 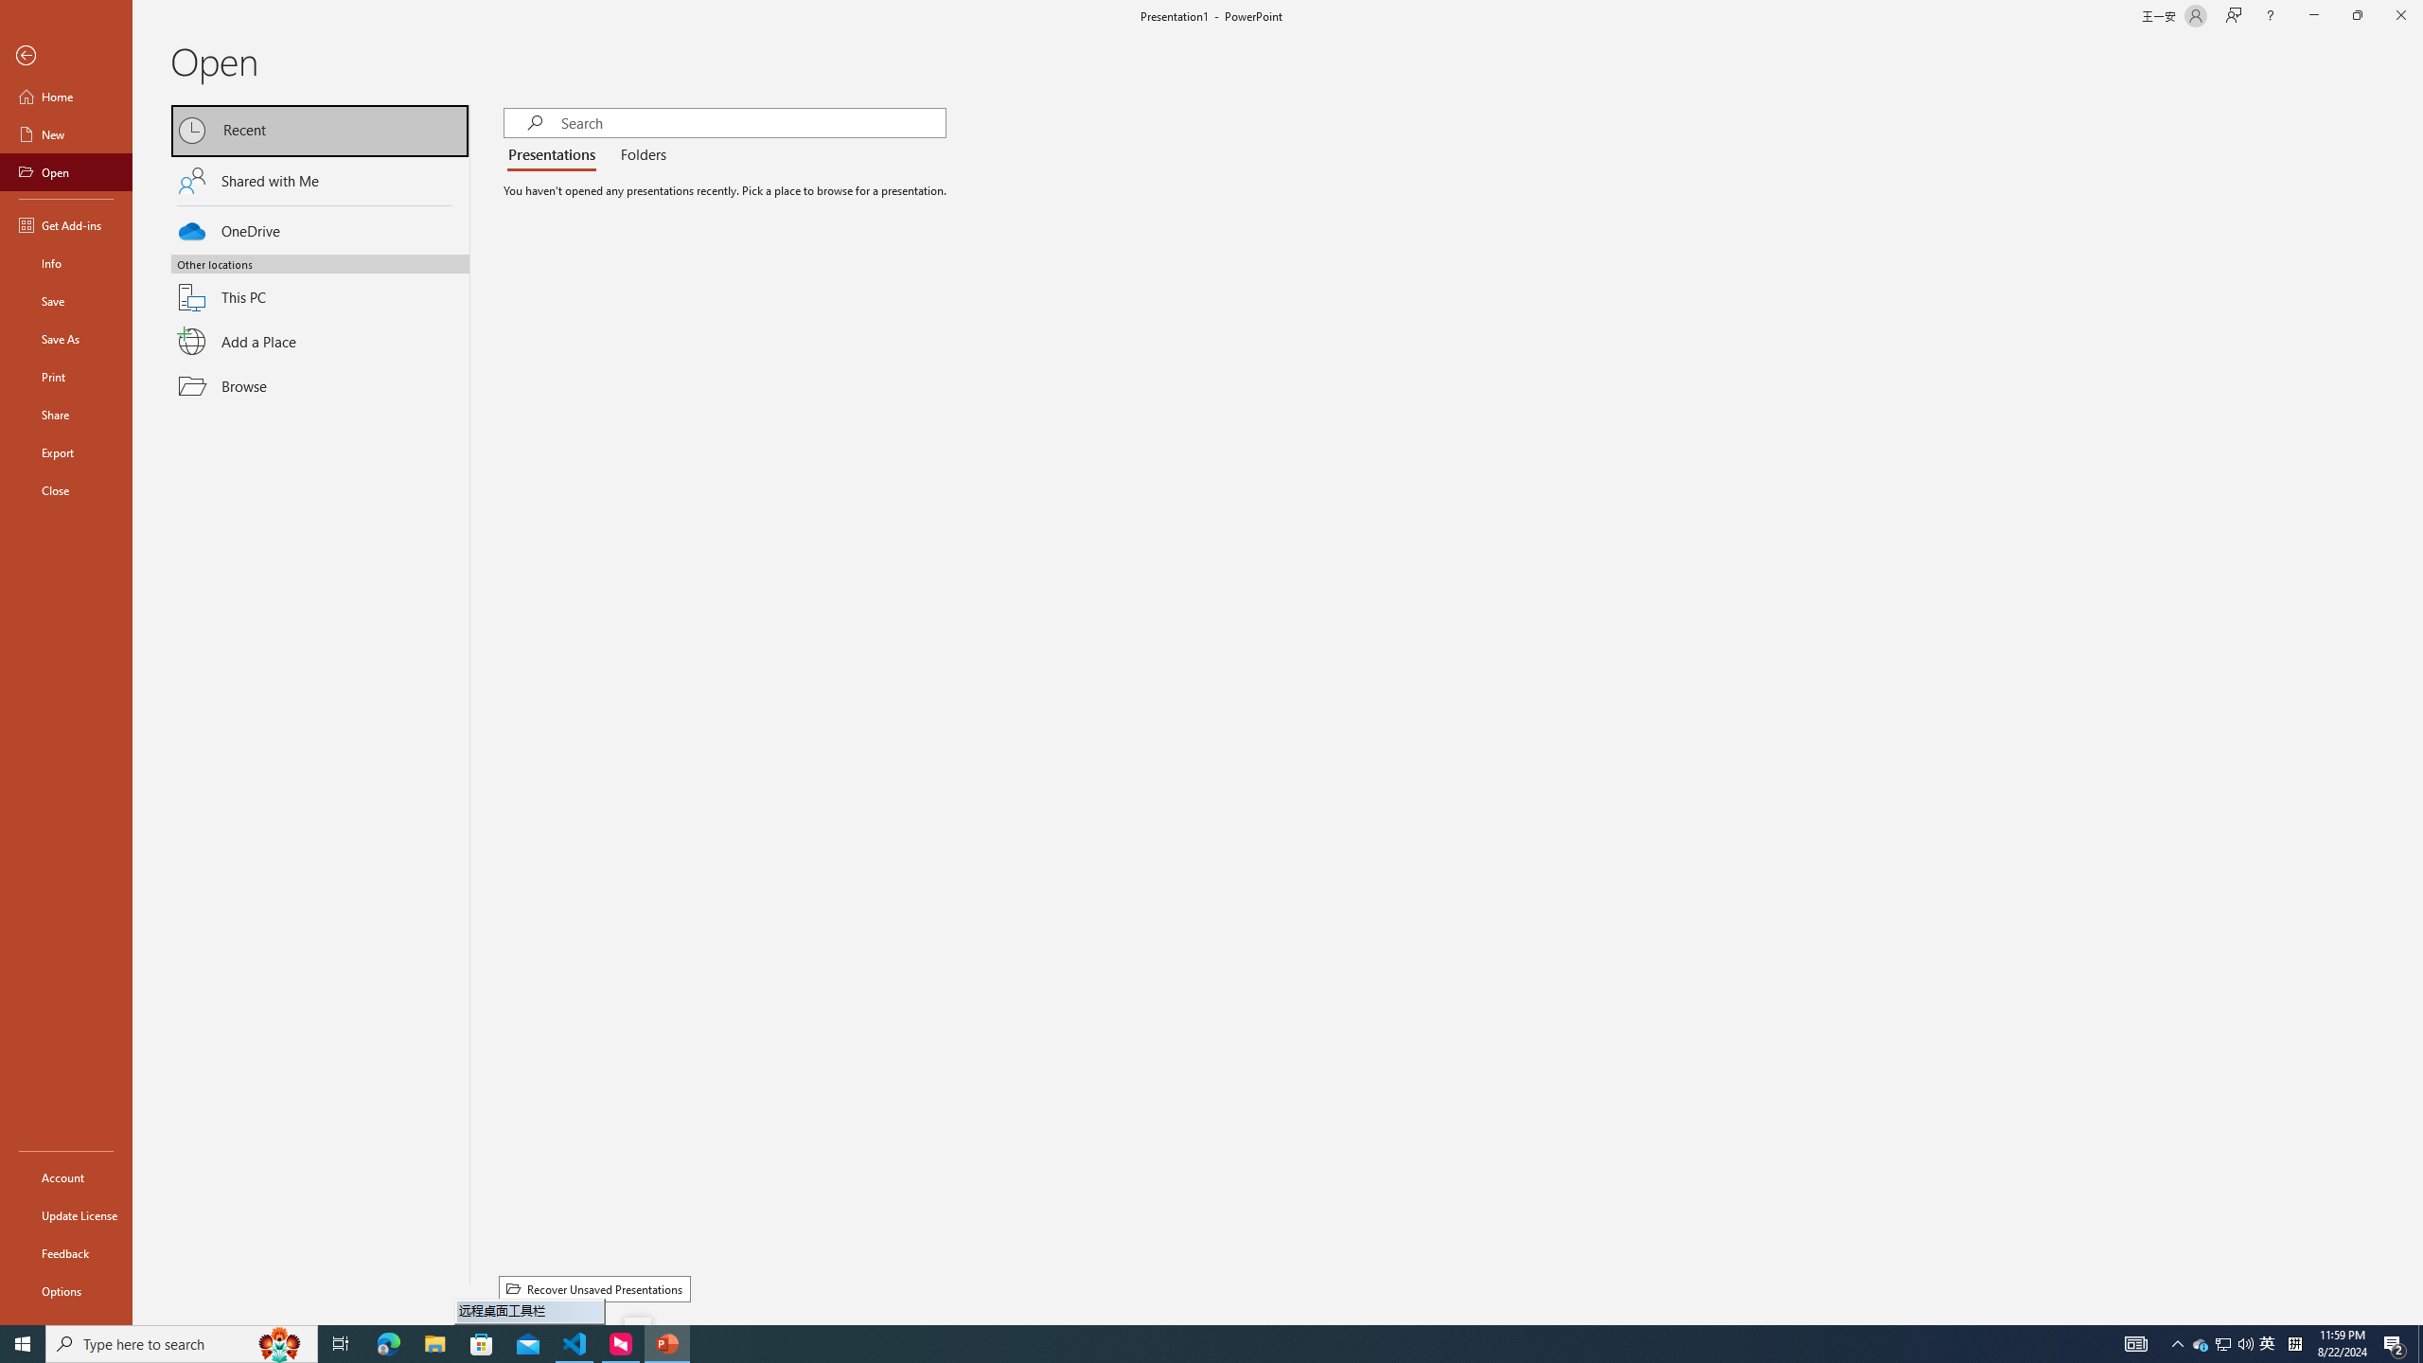 I want to click on 'Export', so click(x=65, y=452).